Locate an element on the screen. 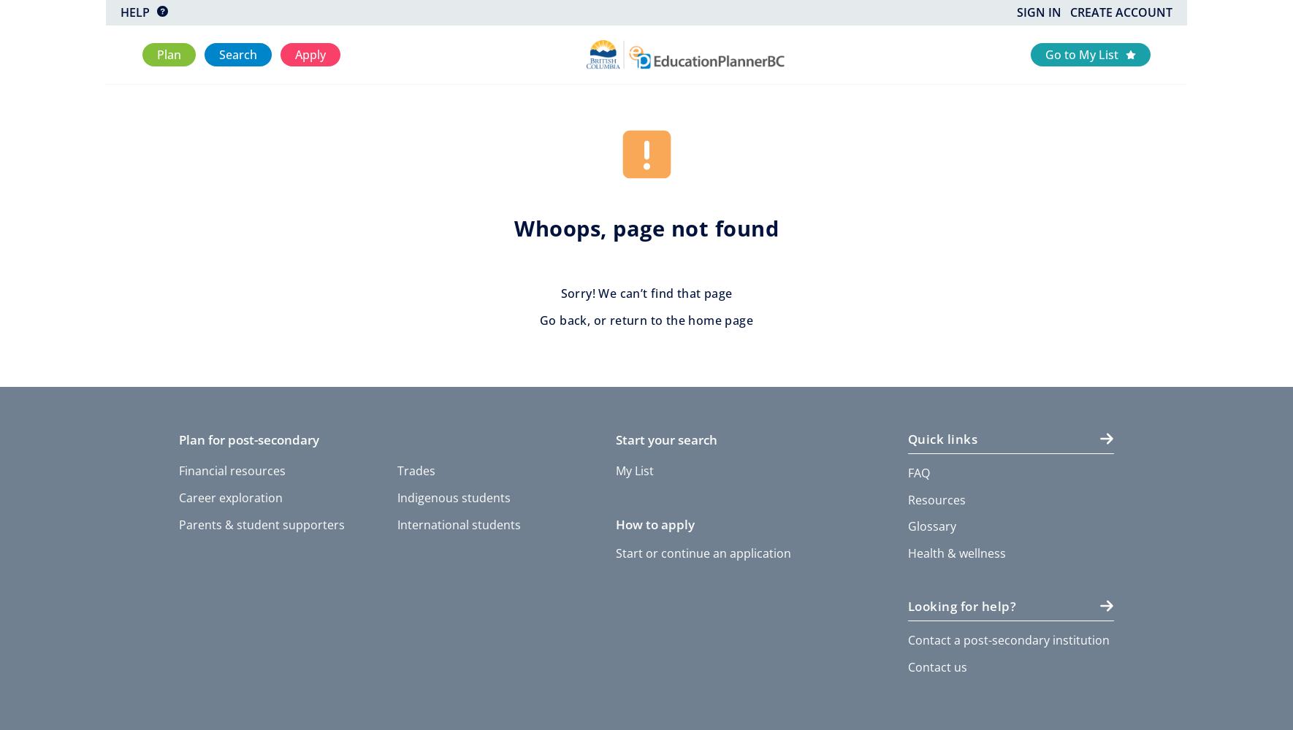 This screenshot has width=1293, height=730. 'Plan' is located at coordinates (169, 53).